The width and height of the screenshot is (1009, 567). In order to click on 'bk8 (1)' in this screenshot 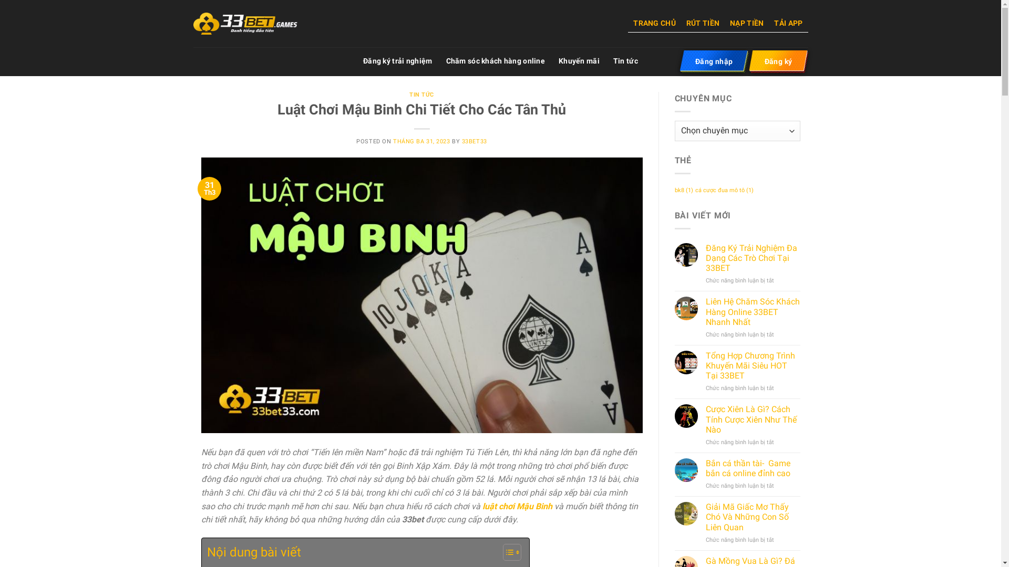, I will do `click(684, 190)`.